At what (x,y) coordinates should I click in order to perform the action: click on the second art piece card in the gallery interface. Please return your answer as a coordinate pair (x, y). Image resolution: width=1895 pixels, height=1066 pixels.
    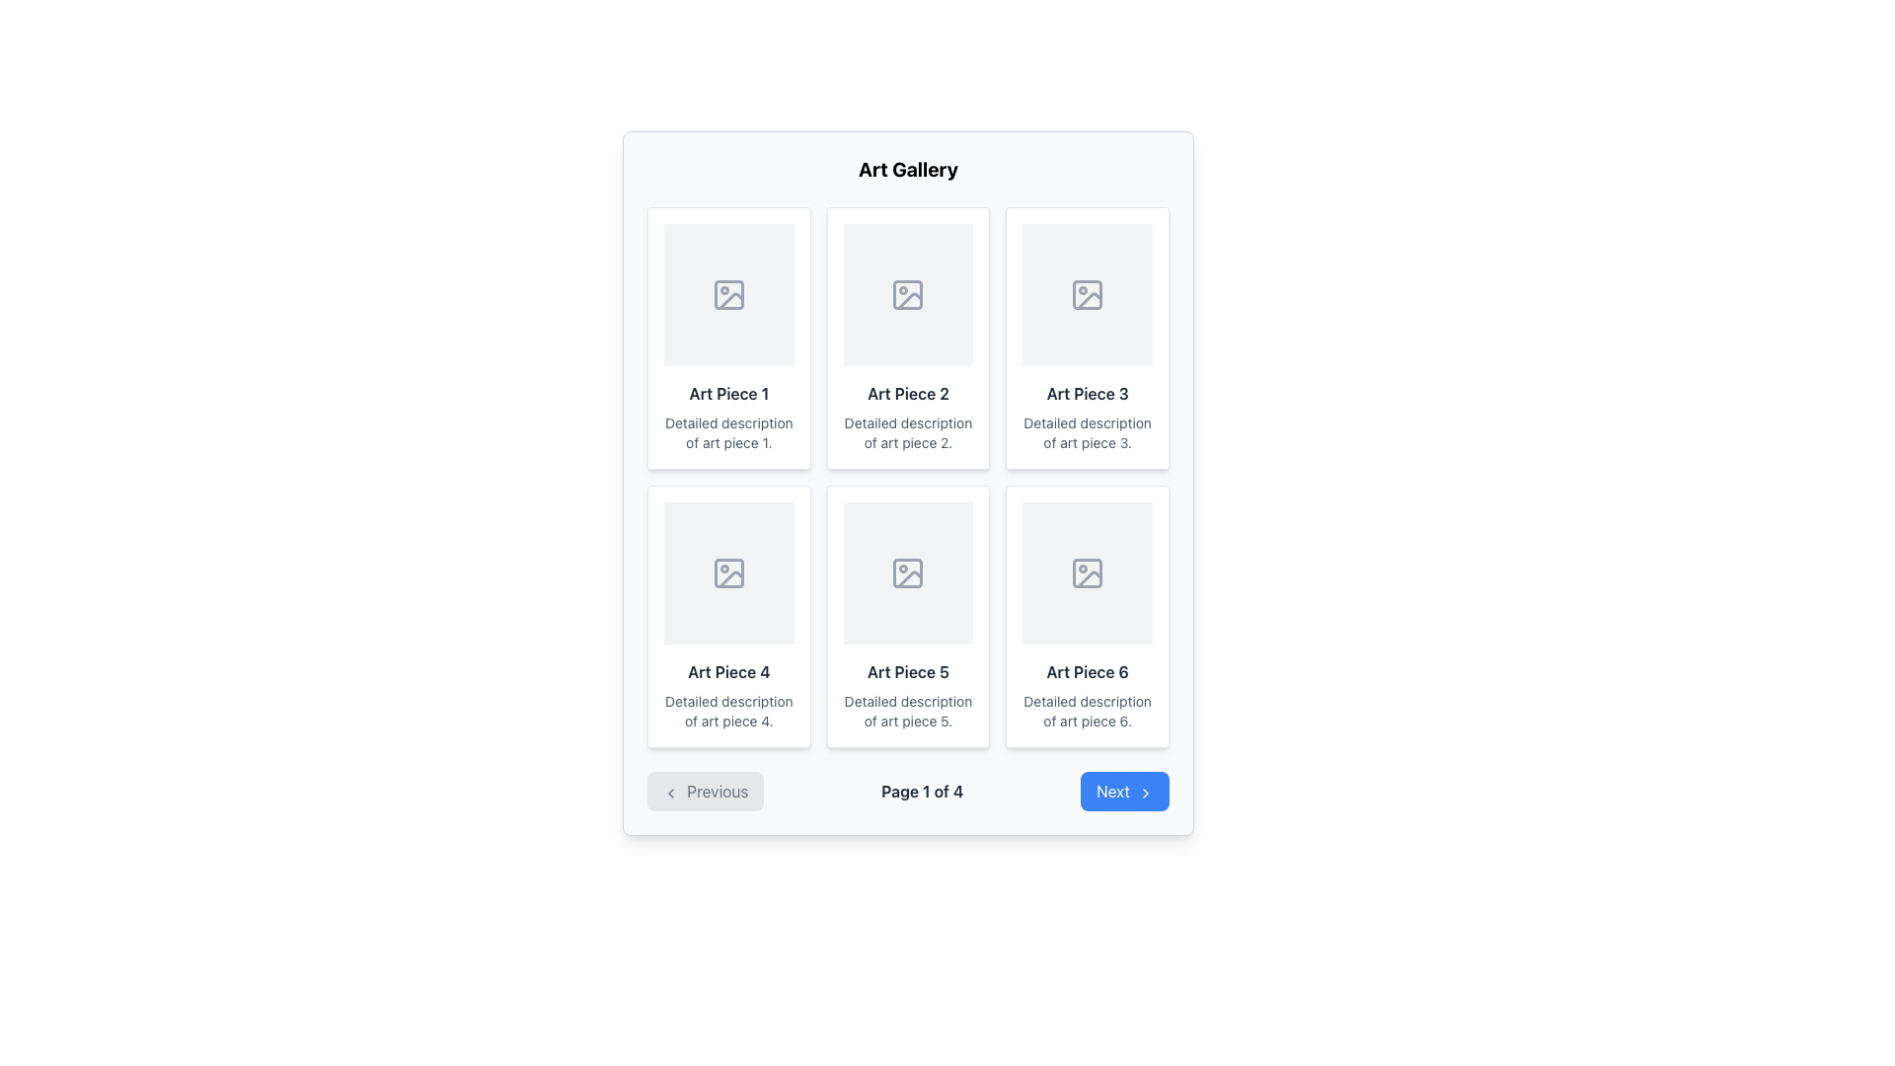
    Looking at the image, I should click on (907, 338).